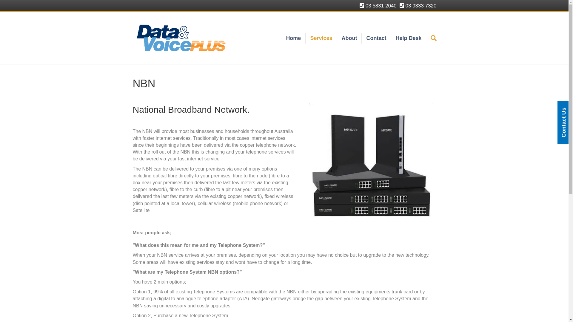 The height and width of the screenshot is (322, 573). I want to click on 'About', so click(349, 38).